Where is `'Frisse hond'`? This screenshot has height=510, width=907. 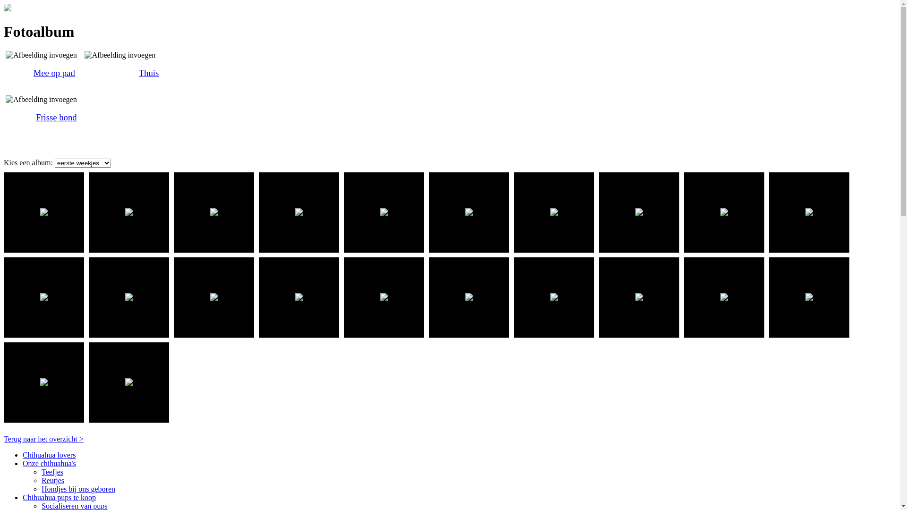
'Frisse hond' is located at coordinates (56, 117).